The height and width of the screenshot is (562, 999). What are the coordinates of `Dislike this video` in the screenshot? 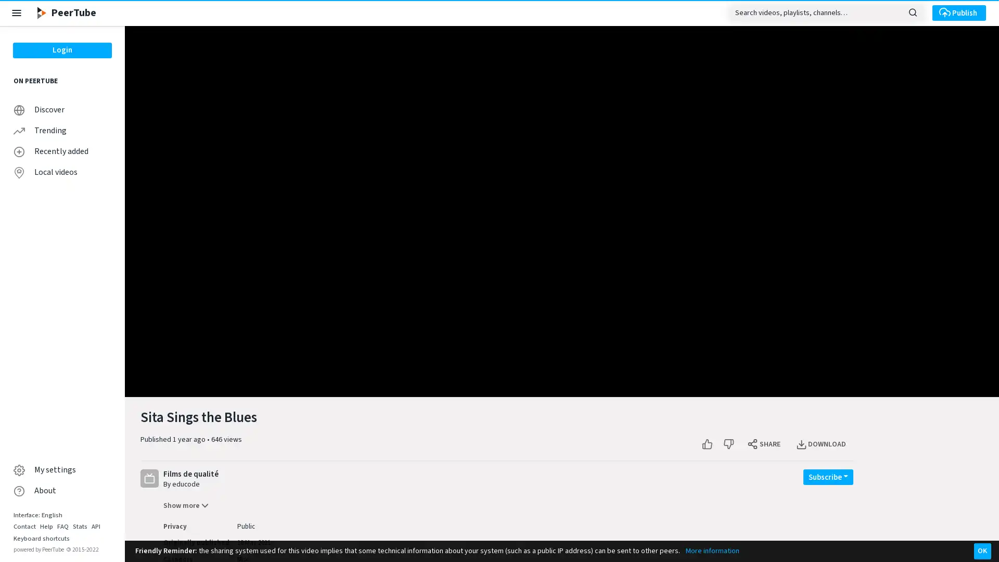 It's located at (728, 444).